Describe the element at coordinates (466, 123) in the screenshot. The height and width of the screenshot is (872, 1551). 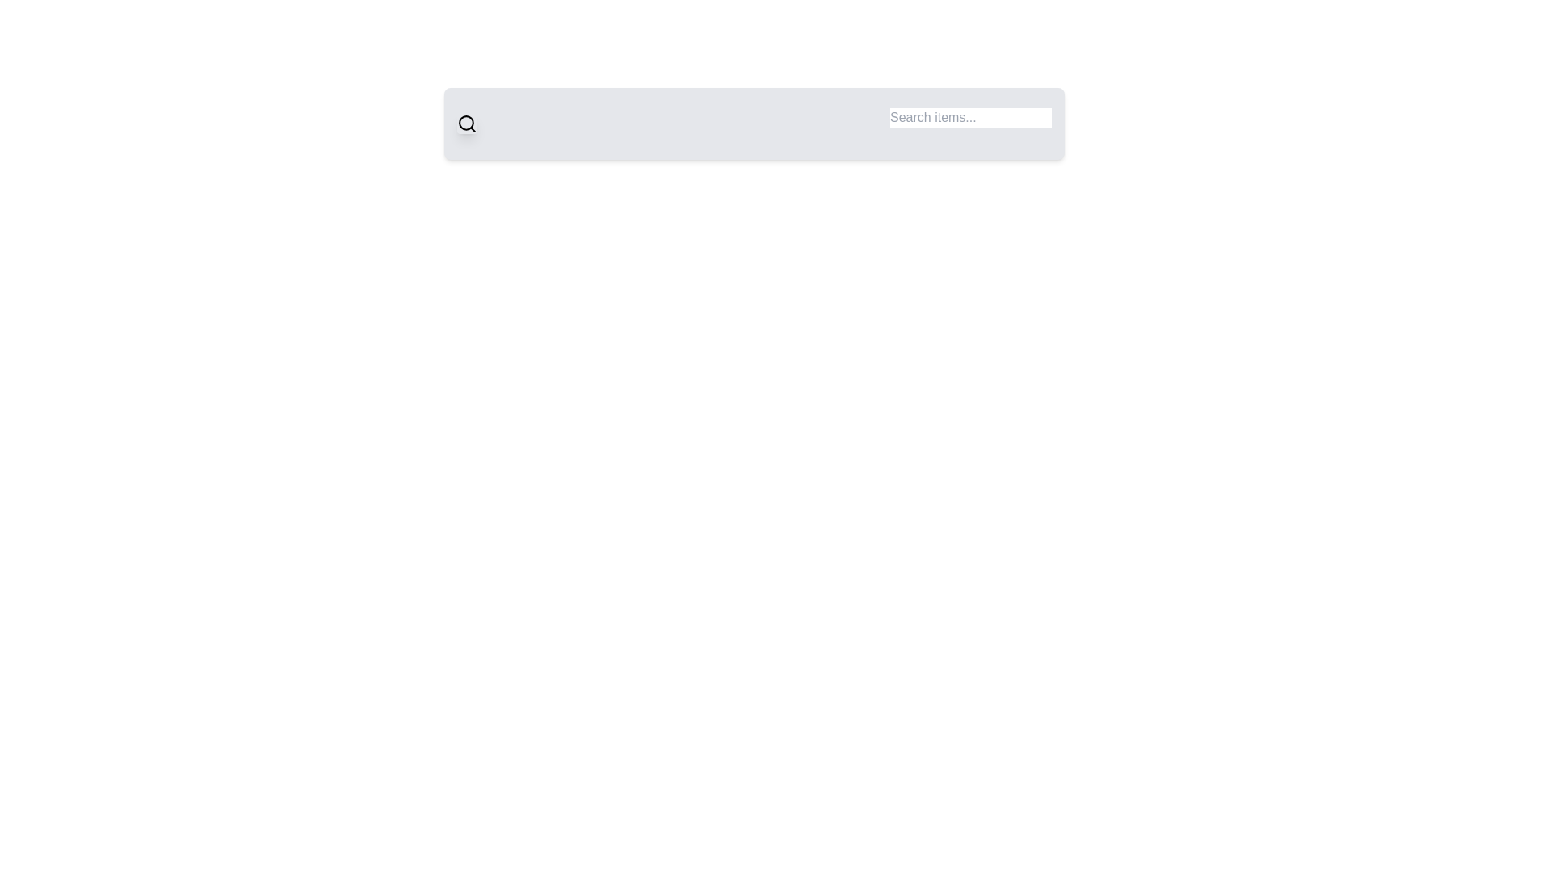
I see `the search icon located at the center of the component` at that location.